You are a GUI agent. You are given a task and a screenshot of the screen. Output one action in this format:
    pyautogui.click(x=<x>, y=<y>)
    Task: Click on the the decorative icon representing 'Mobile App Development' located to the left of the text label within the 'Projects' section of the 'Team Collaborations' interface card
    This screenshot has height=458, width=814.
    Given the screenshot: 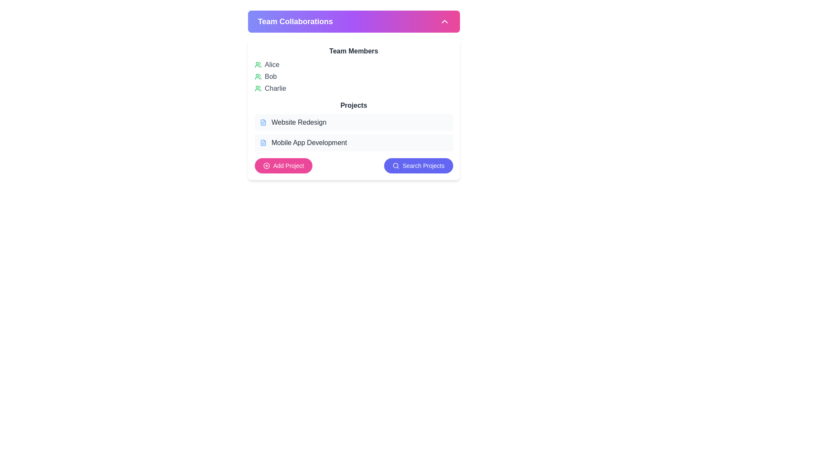 What is the action you would take?
    pyautogui.click(x=262, y=142)
    